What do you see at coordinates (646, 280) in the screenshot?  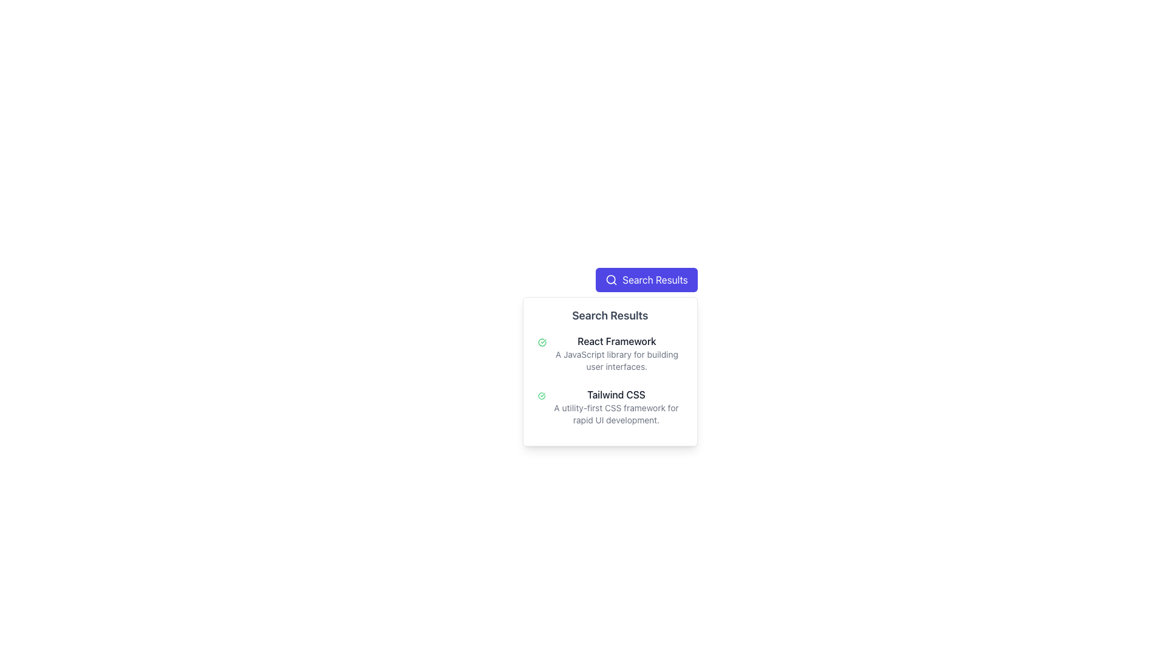 I see `the 'Search Results' button with a purple background and white text for keyboard interaction` at bounding box center [646, 280].